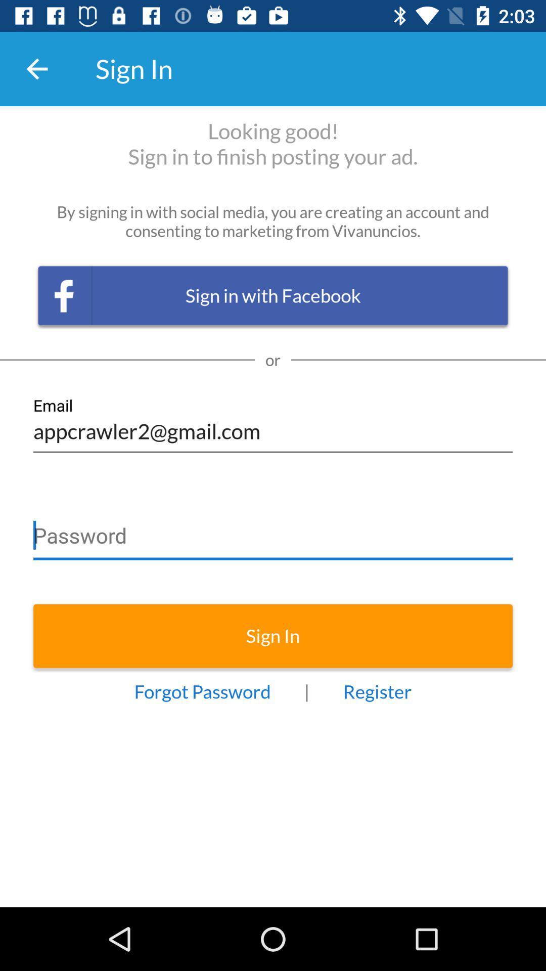 This screenshot has width=546, height=971. What do you see at coordinates (377, 691) in the screenshot?
I see `the item next to the |` at bounding box center [377, 691].